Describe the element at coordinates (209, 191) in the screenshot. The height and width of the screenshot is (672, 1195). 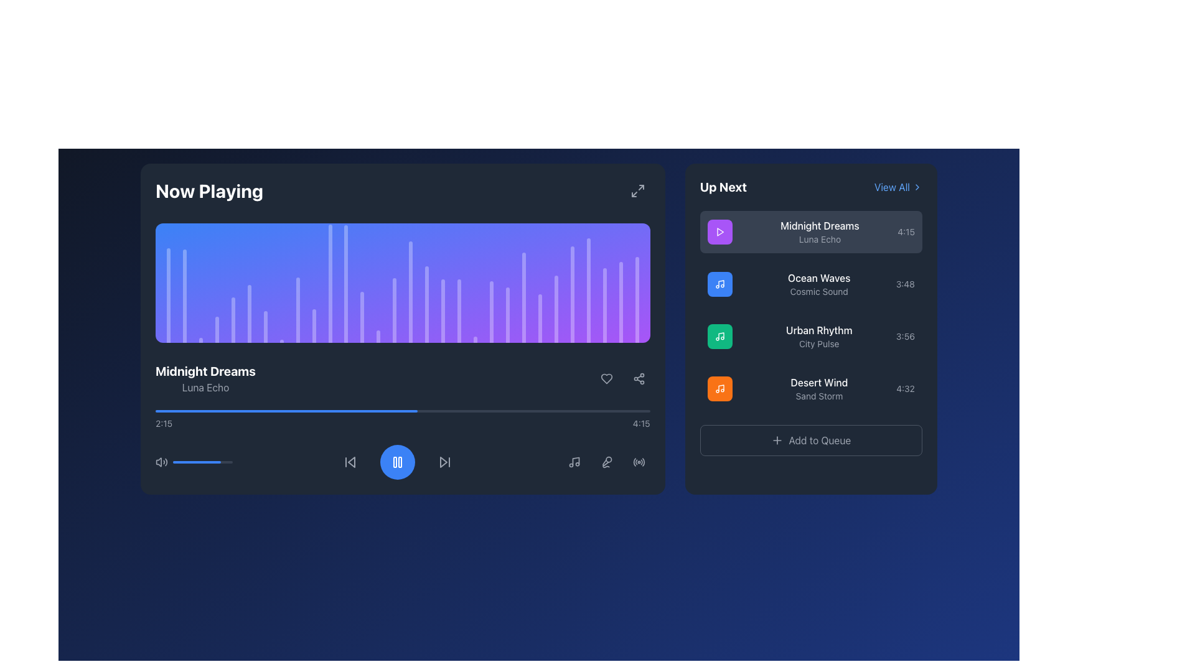
I see `prominent 'Now Playing' text label located at the top-left corner of the interface` at that location.